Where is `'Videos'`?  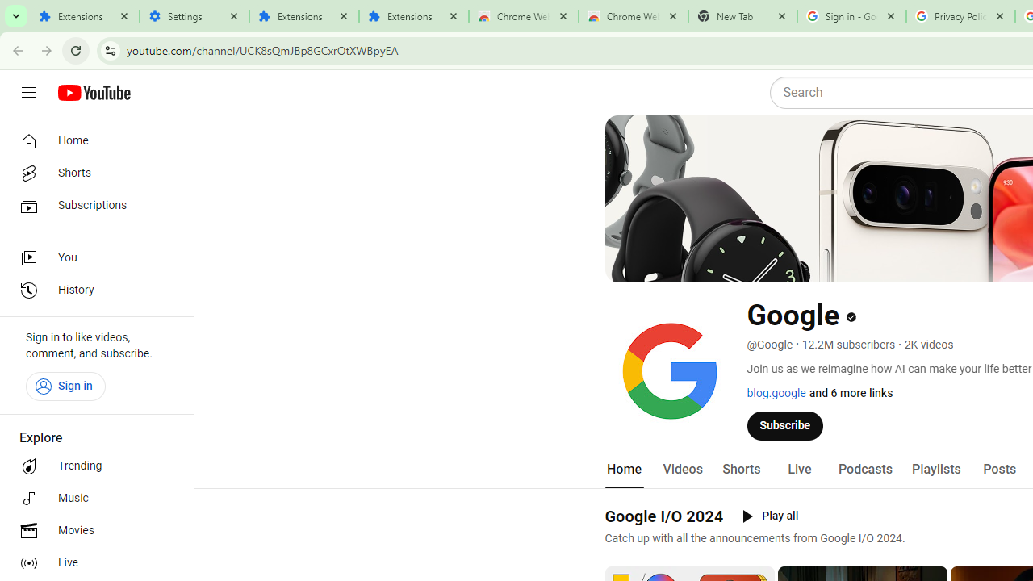 'Videos' is located at coordinates (682, 469).